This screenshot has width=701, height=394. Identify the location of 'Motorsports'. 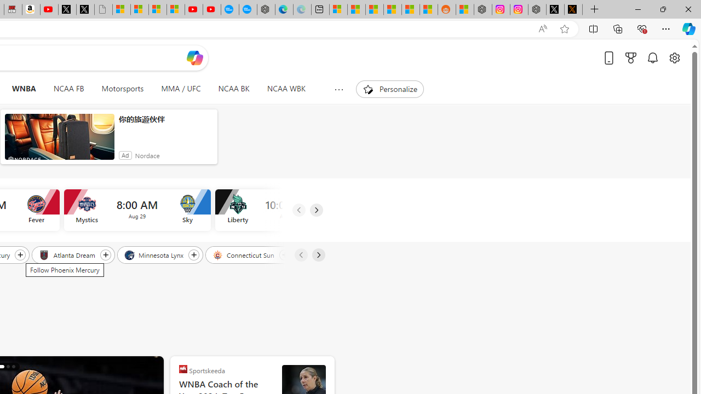
(123, 89).